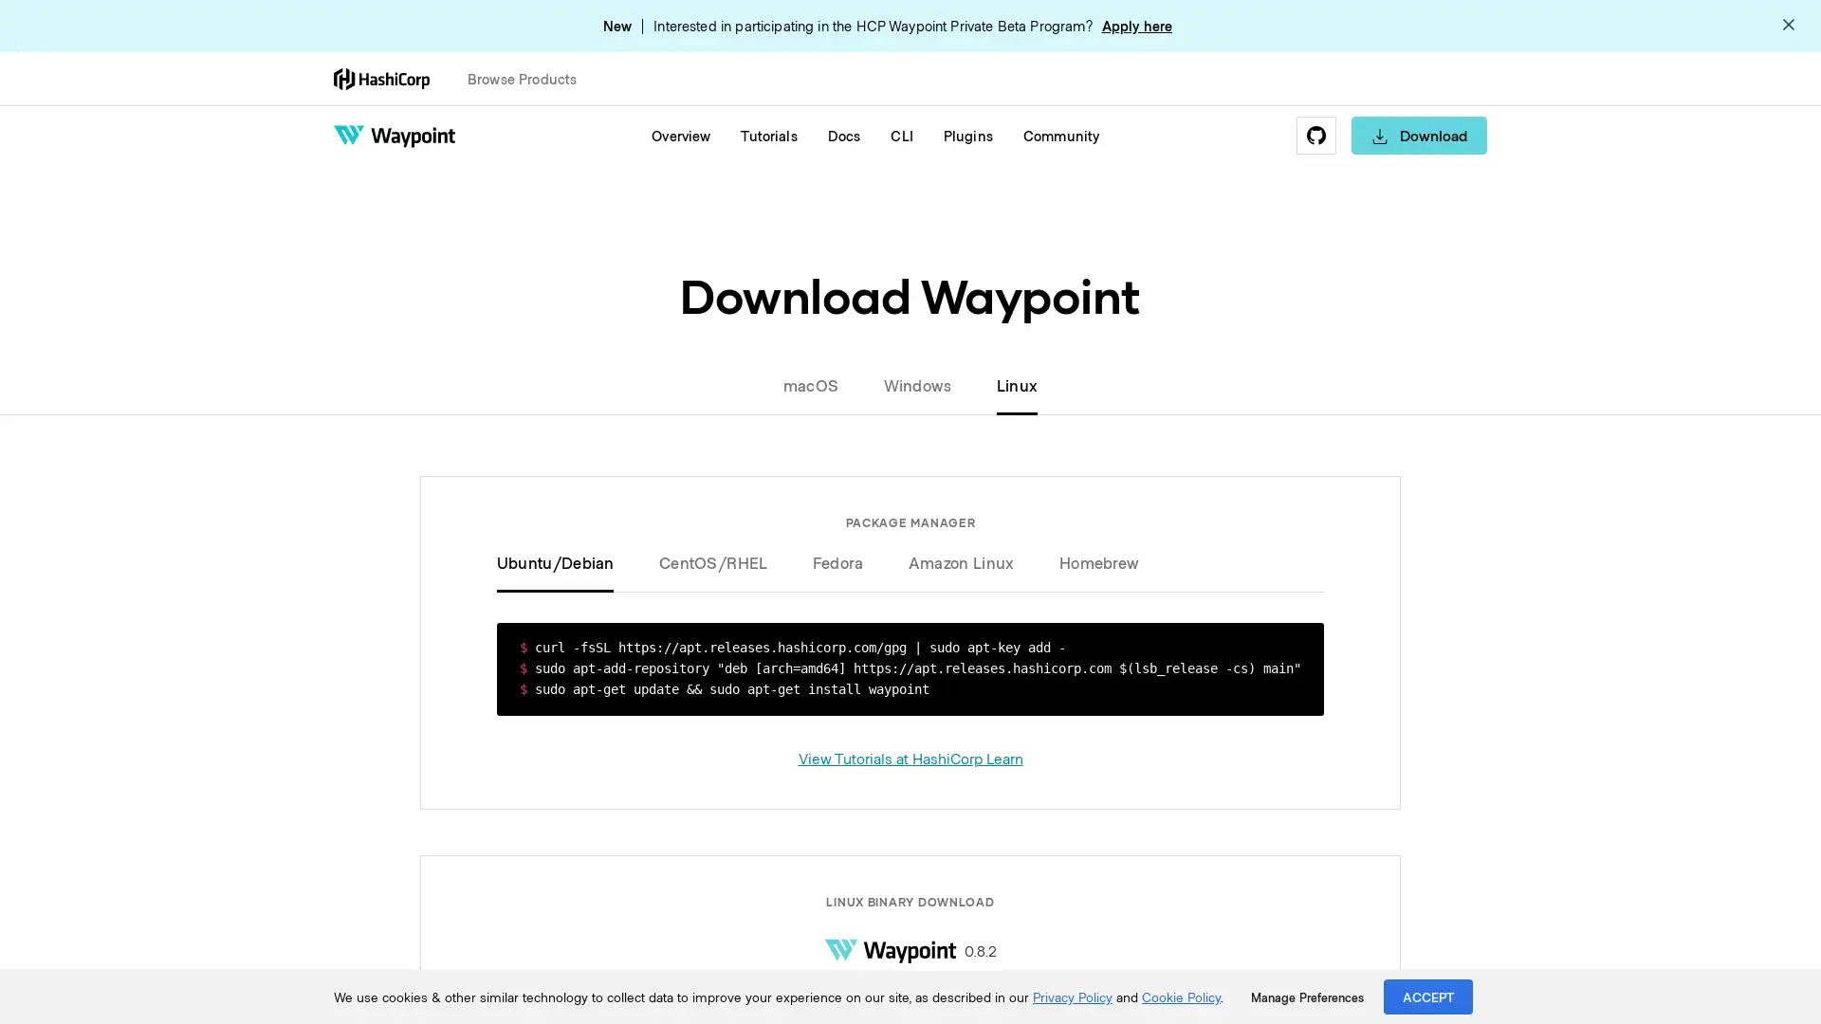 This screenshot has height=1024, width=1821. I want to click on Ubuntu/Debian, so click(565, 561).